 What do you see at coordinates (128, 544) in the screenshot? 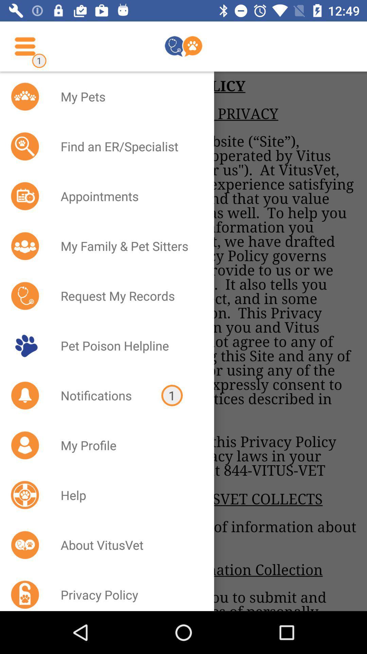
I see `about vitusvet` at bounding box center [128, 544].